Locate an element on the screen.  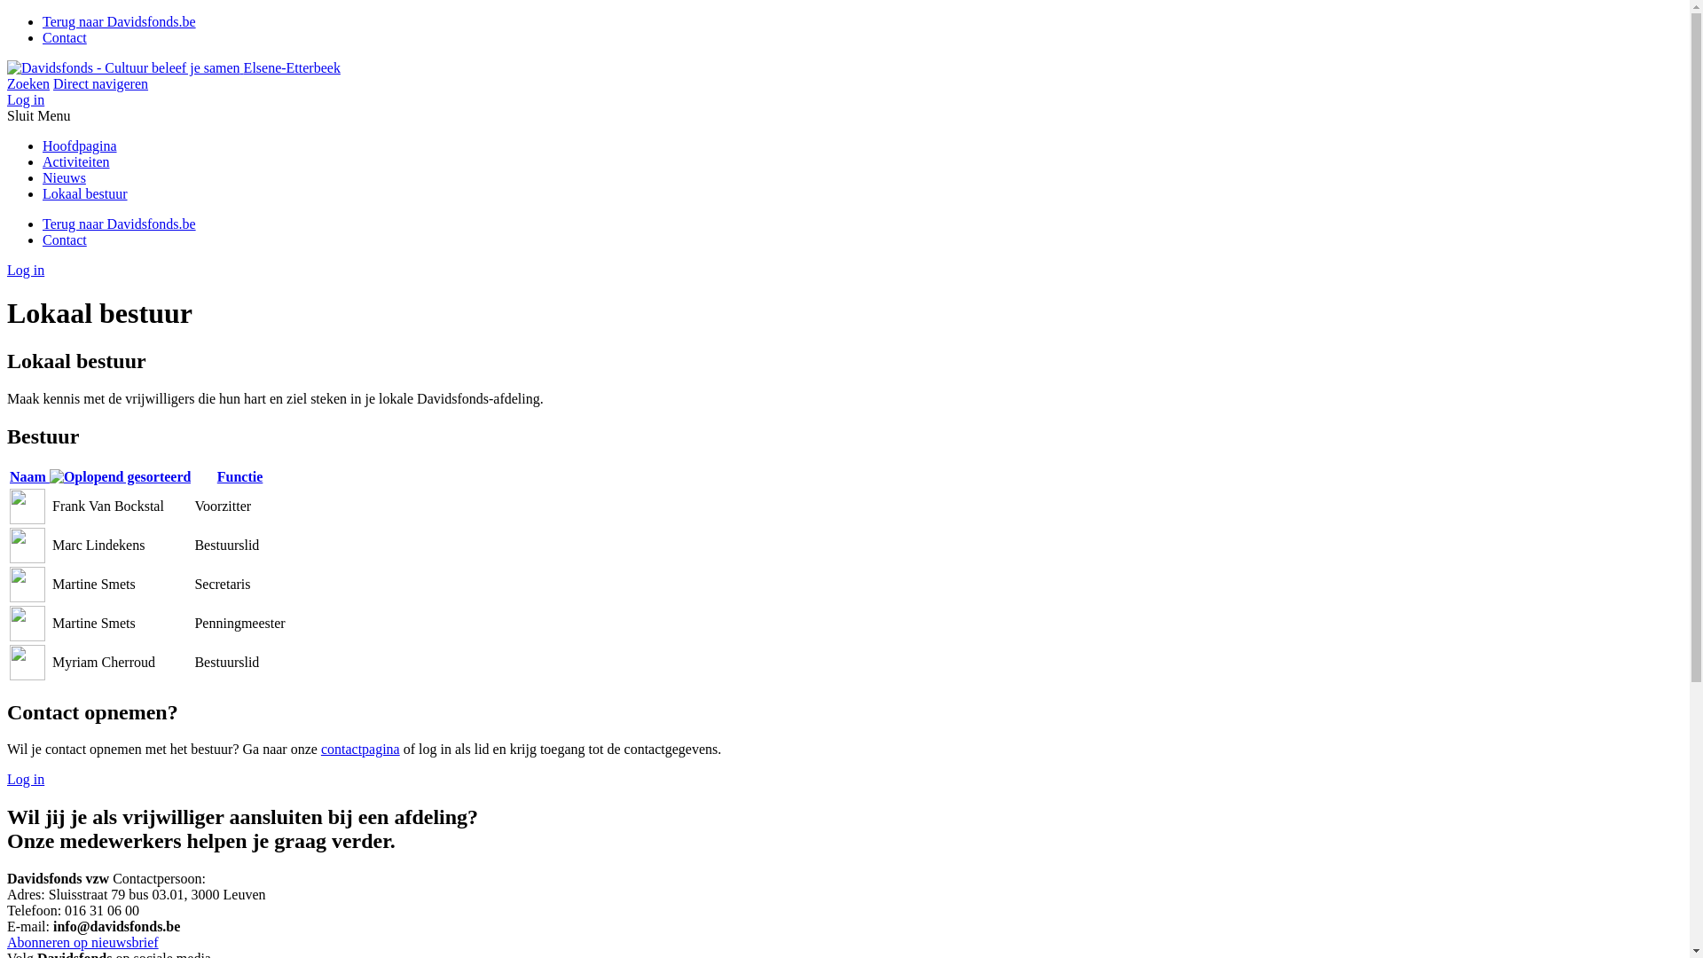
'Lokaal bestuur' is located at coordinates (43, 193).